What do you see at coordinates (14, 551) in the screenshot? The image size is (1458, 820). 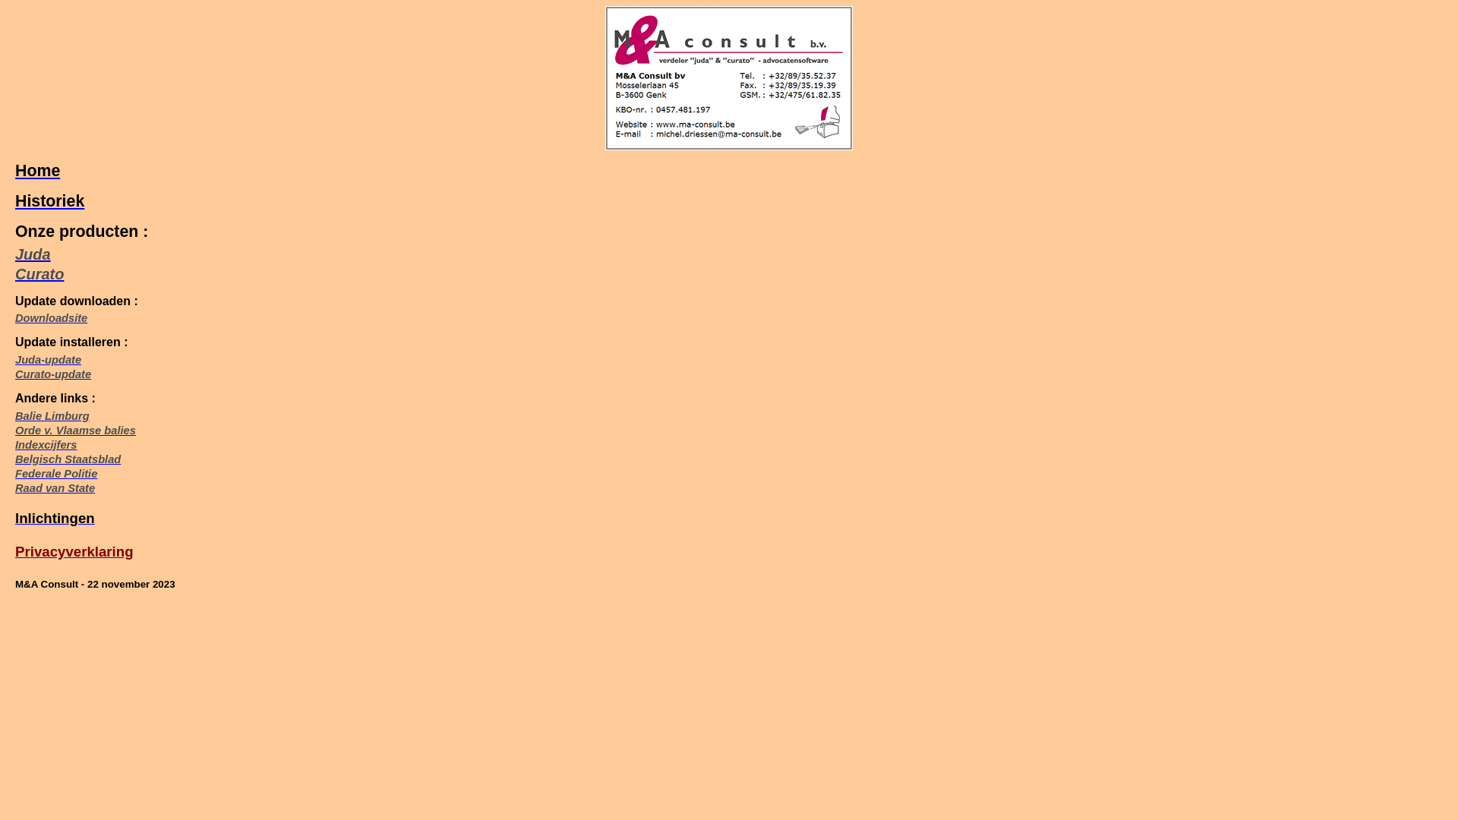 I see `'Privacyverklaring'` at bounding box center [14, 551].